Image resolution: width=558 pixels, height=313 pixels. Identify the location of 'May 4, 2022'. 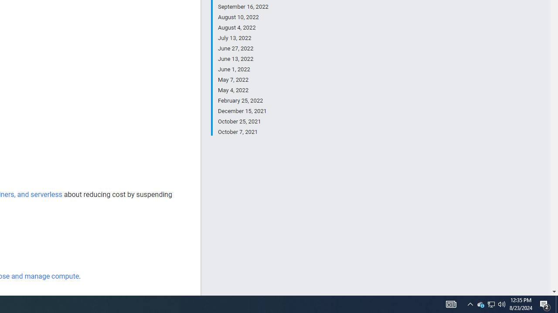
(243, 90).